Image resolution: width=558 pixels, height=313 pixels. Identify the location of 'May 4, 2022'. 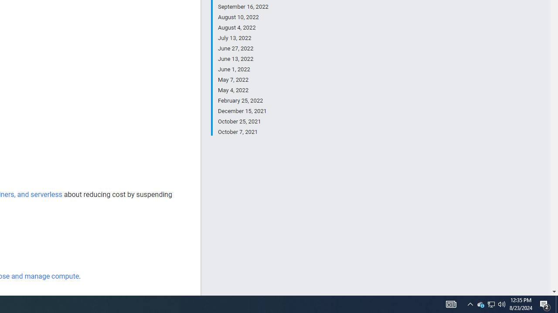
(243, 90).